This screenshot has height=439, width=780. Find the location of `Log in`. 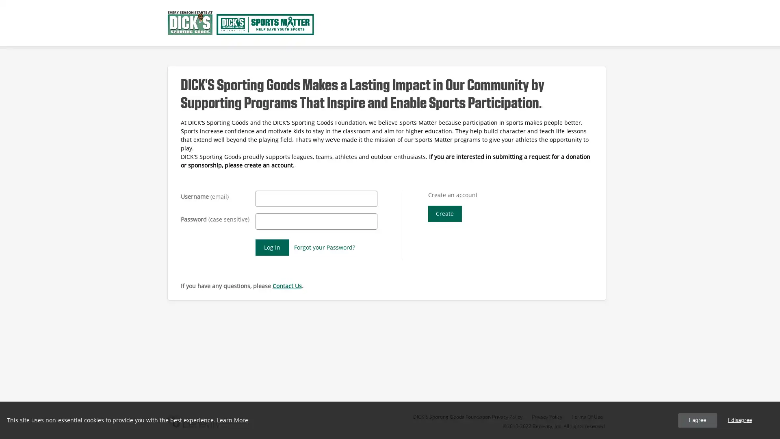

Log in is located at coordinates (272, 247).